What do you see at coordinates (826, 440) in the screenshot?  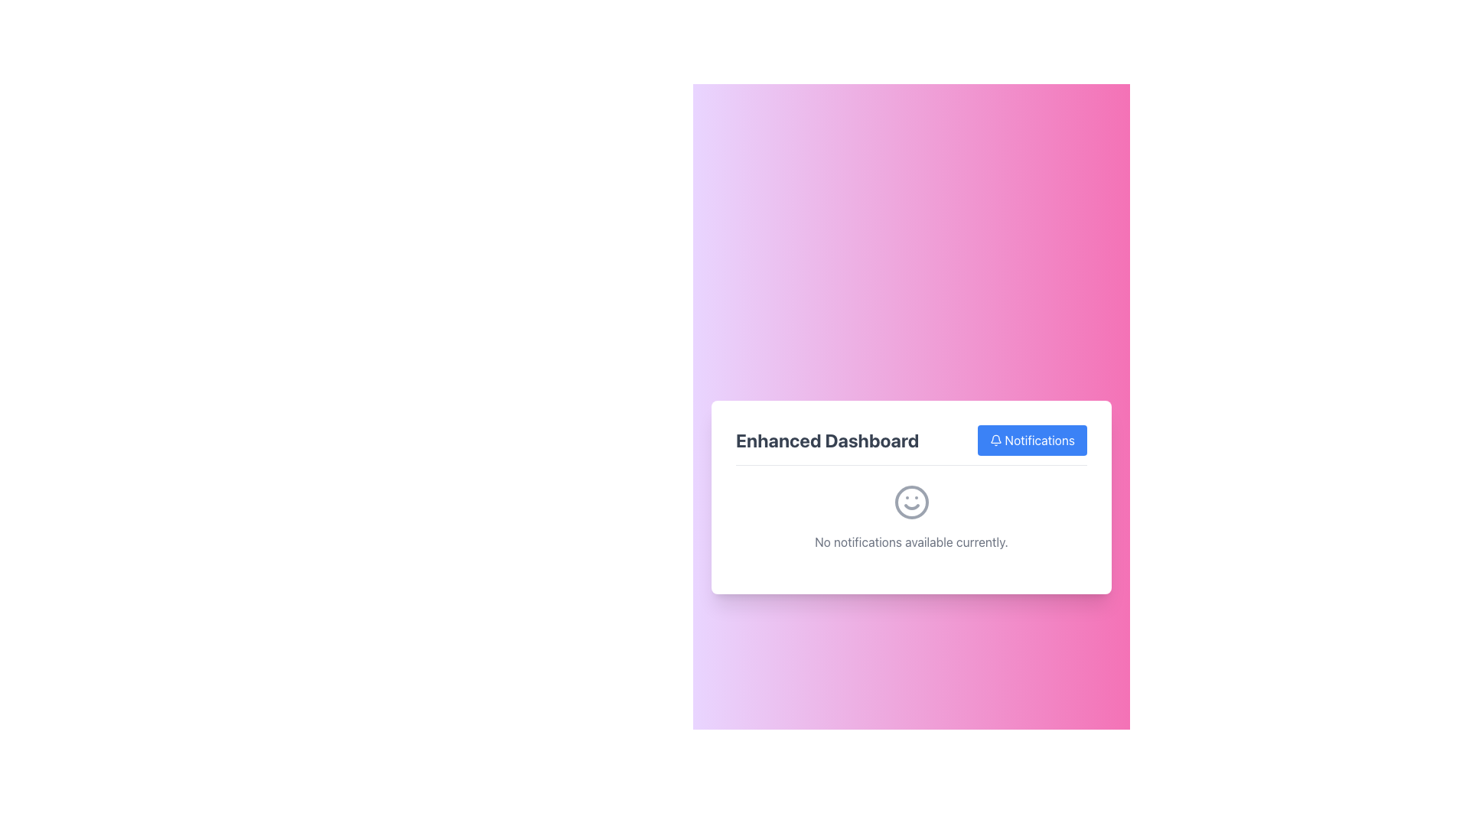 I see `the Text Label that serves as a title or heading for the section` at bounding box center [826, 440].